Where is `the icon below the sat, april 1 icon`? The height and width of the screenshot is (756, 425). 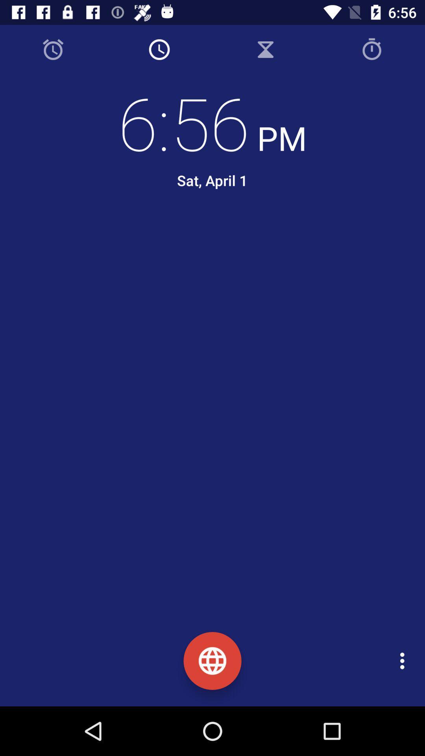
the icon below the sat, april 1 icon is located at coordinates (218, 235).